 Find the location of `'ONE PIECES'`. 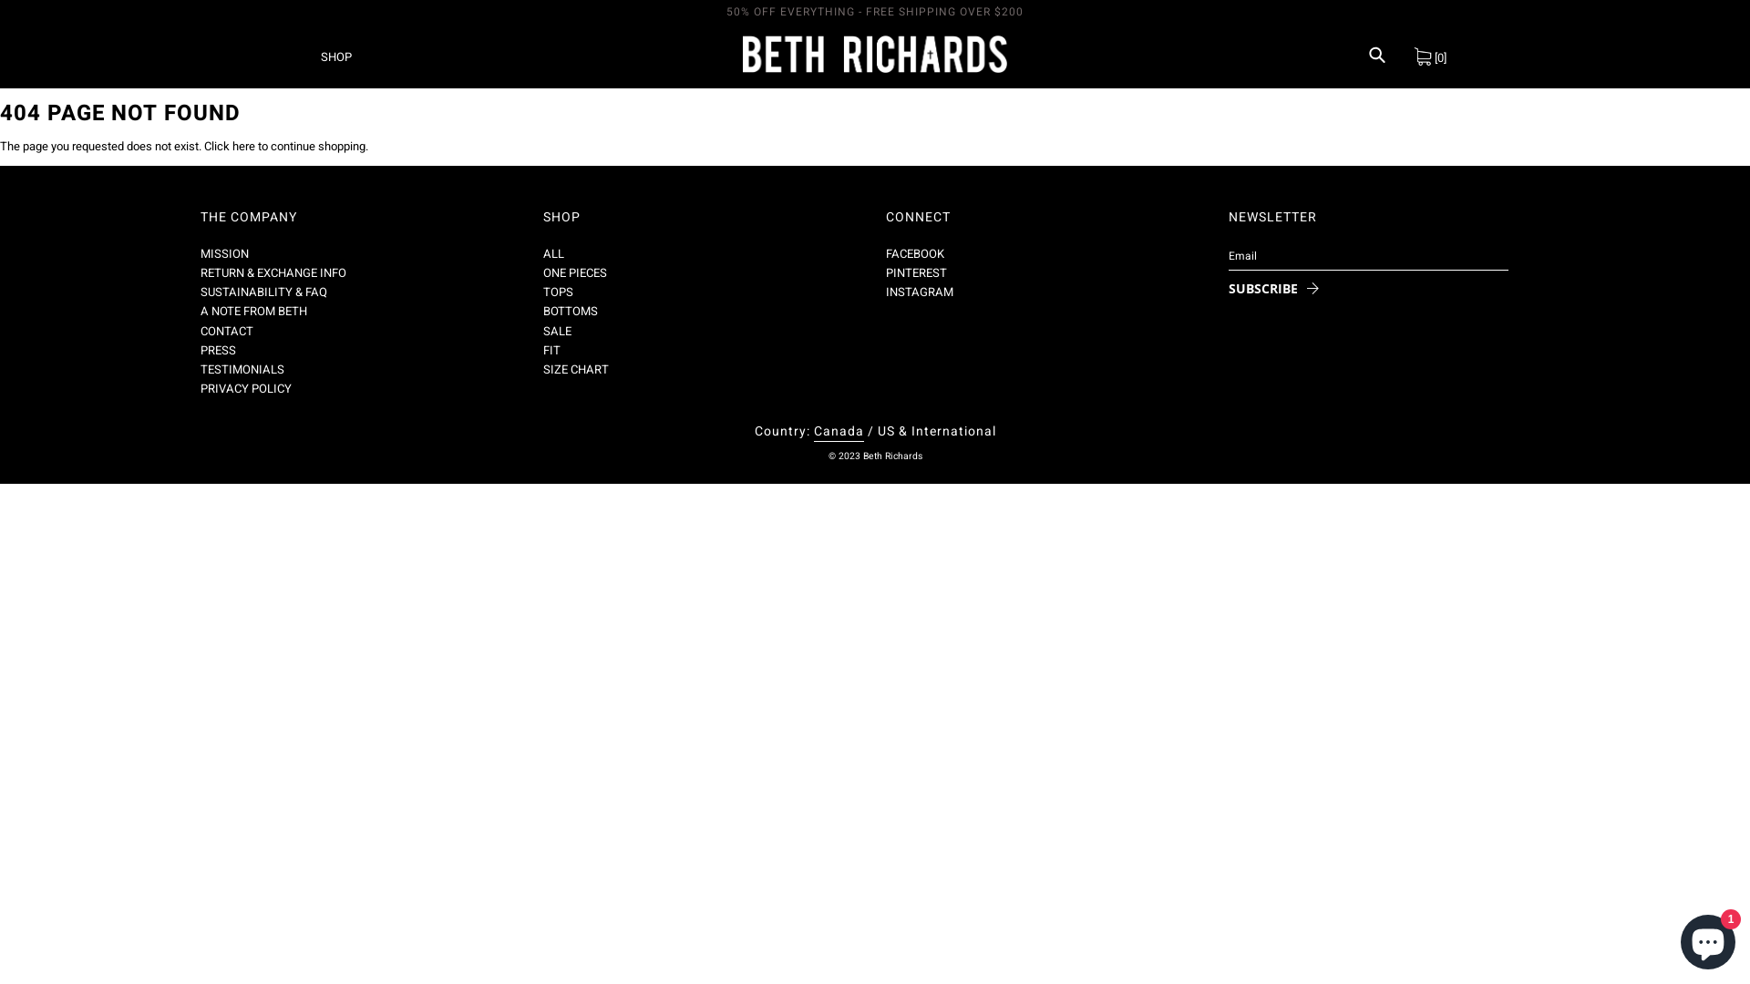

'ONE PIECES' is located at coordinates (573, 272).